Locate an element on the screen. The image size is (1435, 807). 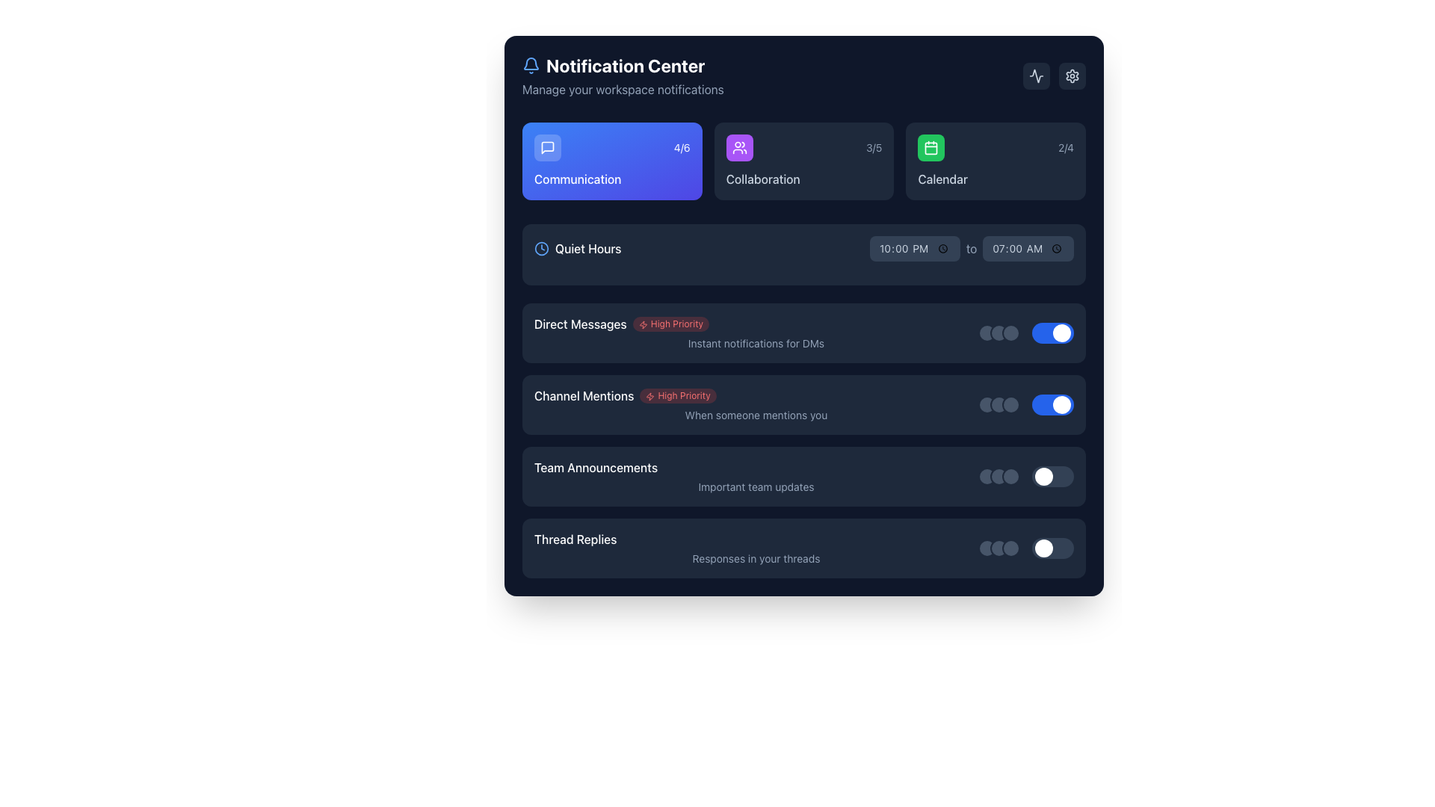
the 'Collaboration' button in the Notification Center interface is located at coordinates (739, 147).